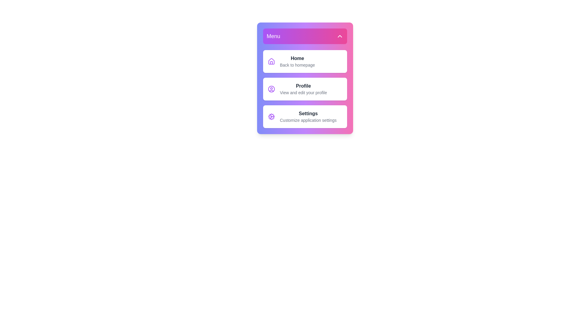  I want to click on the Home menu item to select it, so click(305, 61).